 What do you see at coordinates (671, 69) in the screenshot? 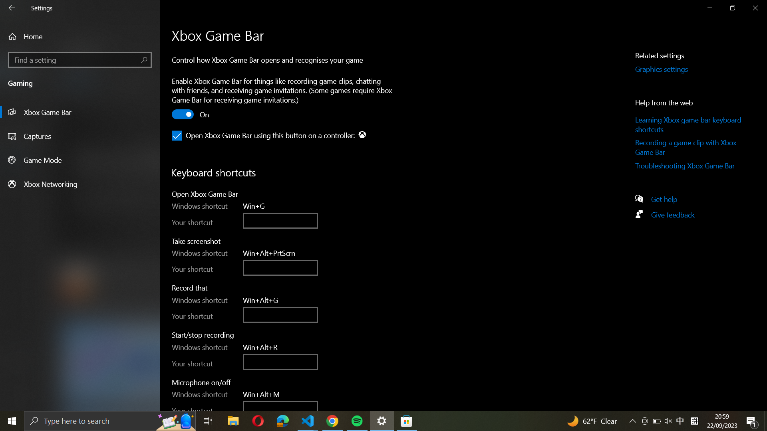
I see `the Graphics Settings by selecting the button on the right side of the screen` at bounding box center [671, 69].